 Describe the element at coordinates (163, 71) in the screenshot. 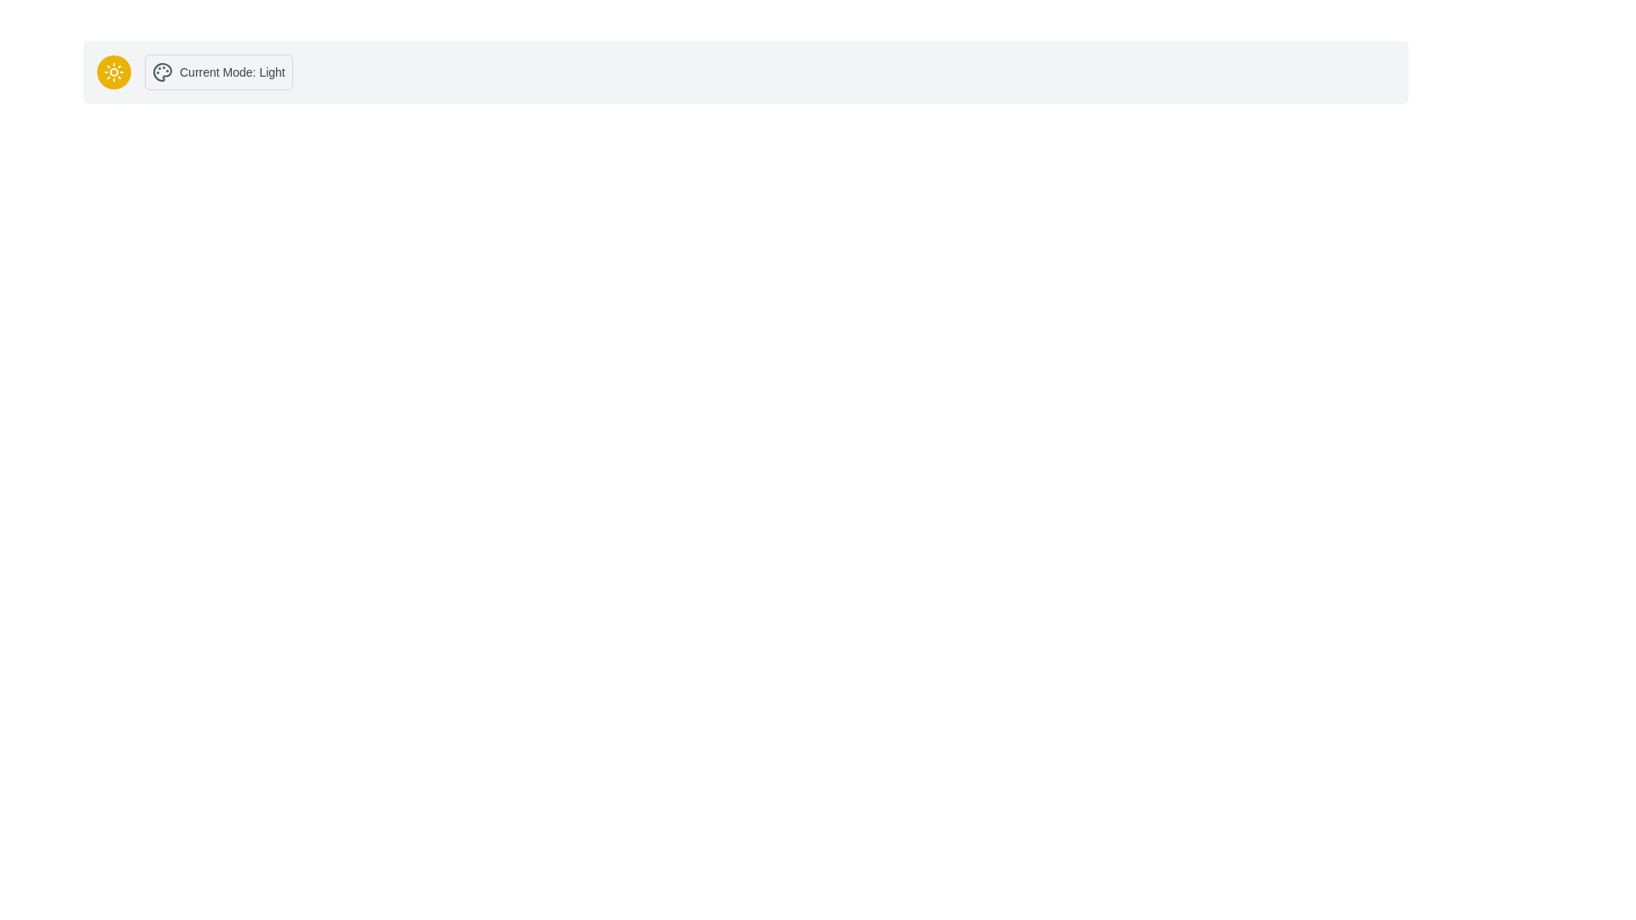

I see `the SVG graphical element located in the top left corner of the interface, which represents customization or design functionality` at that location.